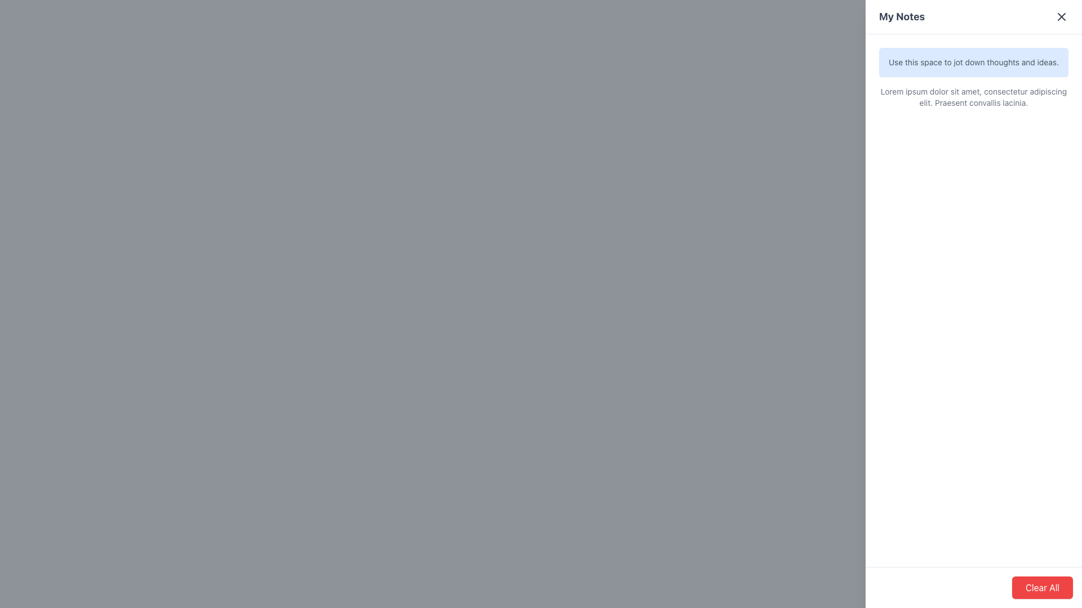 Image resolution: width=1082 pixels, height=608 pixels. What do you see at coordinates (1061, 17) in the screenshot?
I see `the close button located at the top-right corner of the 'My Notes' modal` at bounding box center [1061, 17].